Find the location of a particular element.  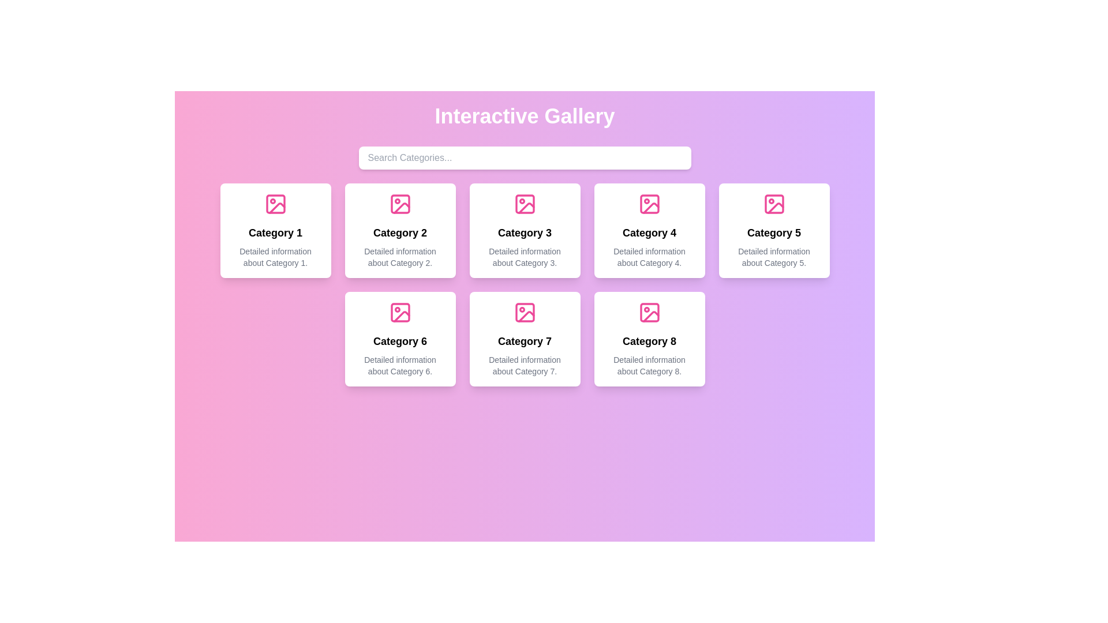

the second card in the gallery of categories, which provides a brief description and serves as a clickable item for navigation is located at coordinates (400, 231).